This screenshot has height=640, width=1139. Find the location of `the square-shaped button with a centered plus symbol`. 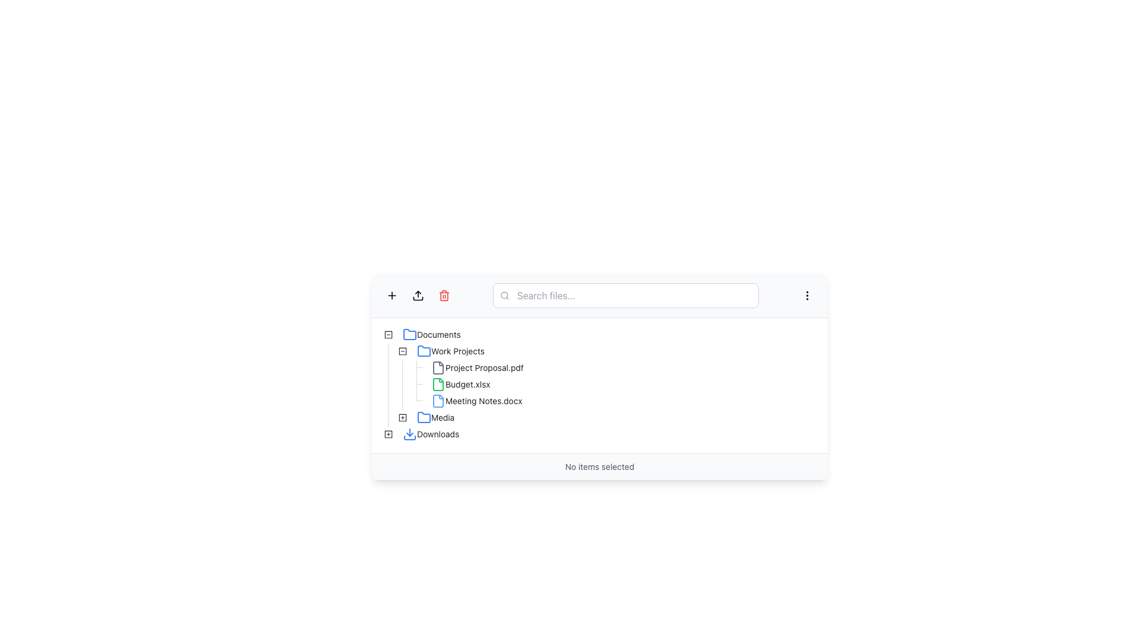

the square-shaped button with a centered plus symbol is located at coordinates (392, 295).